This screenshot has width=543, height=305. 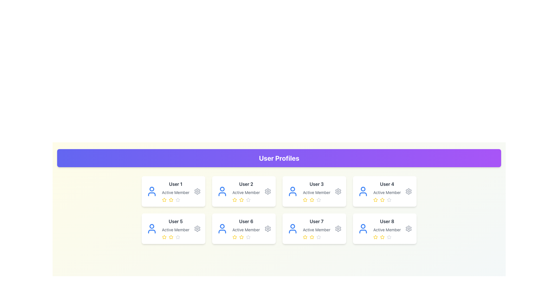 I want to click on the star-shaped icon with a yellow fill located beneath the 'User 5' card in the 'User Profiles' section to rate it, so click(x=164, y=237).